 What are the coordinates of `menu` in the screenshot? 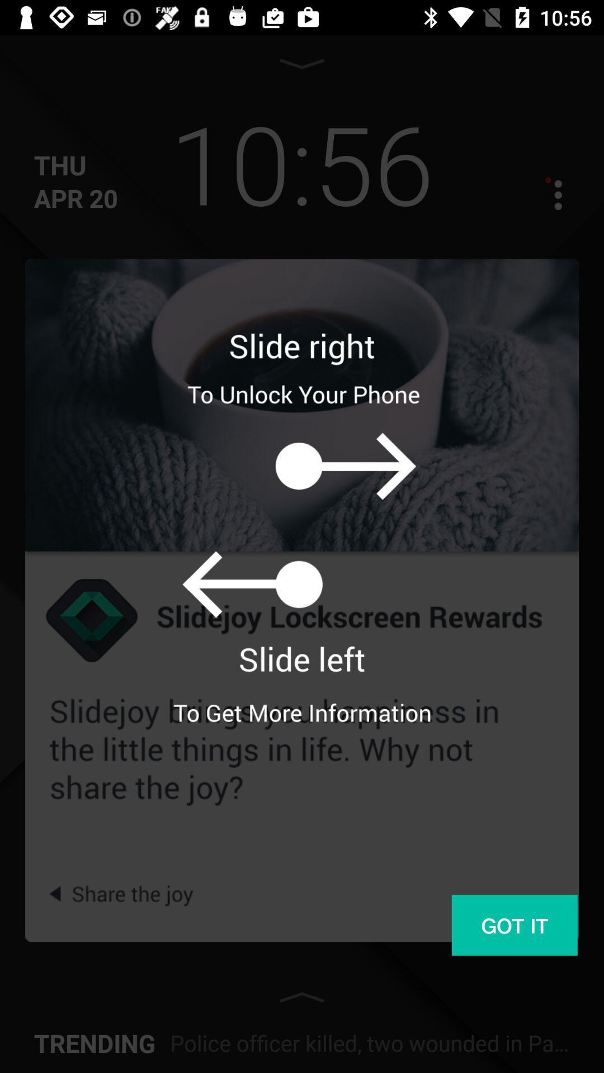 It's located at (548, 194).